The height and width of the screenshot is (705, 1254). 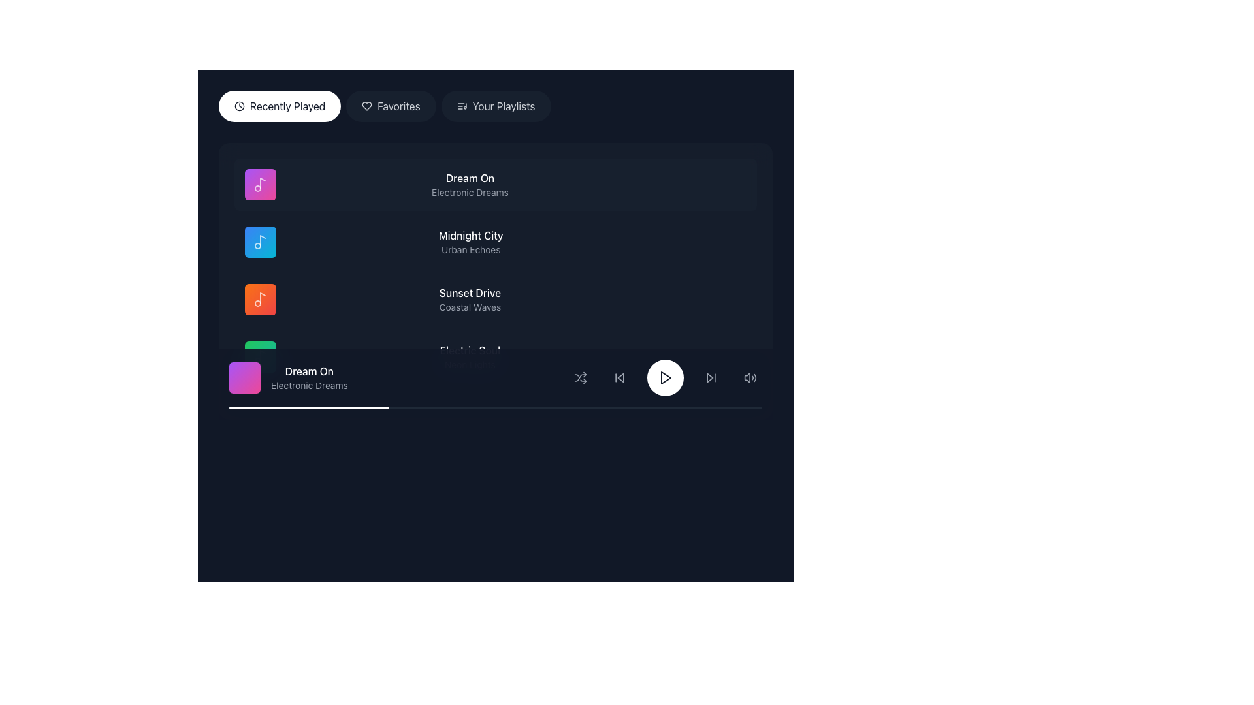 What do you see at coordinates (470, 242) in the screenshot?
I see `the text display element that shows 'Midnight City' in bold white font and 'Urban Echoes' in smaller gray font, which is located in the second item of a vertically arranged list of song details` at bounding box center [470, 242].